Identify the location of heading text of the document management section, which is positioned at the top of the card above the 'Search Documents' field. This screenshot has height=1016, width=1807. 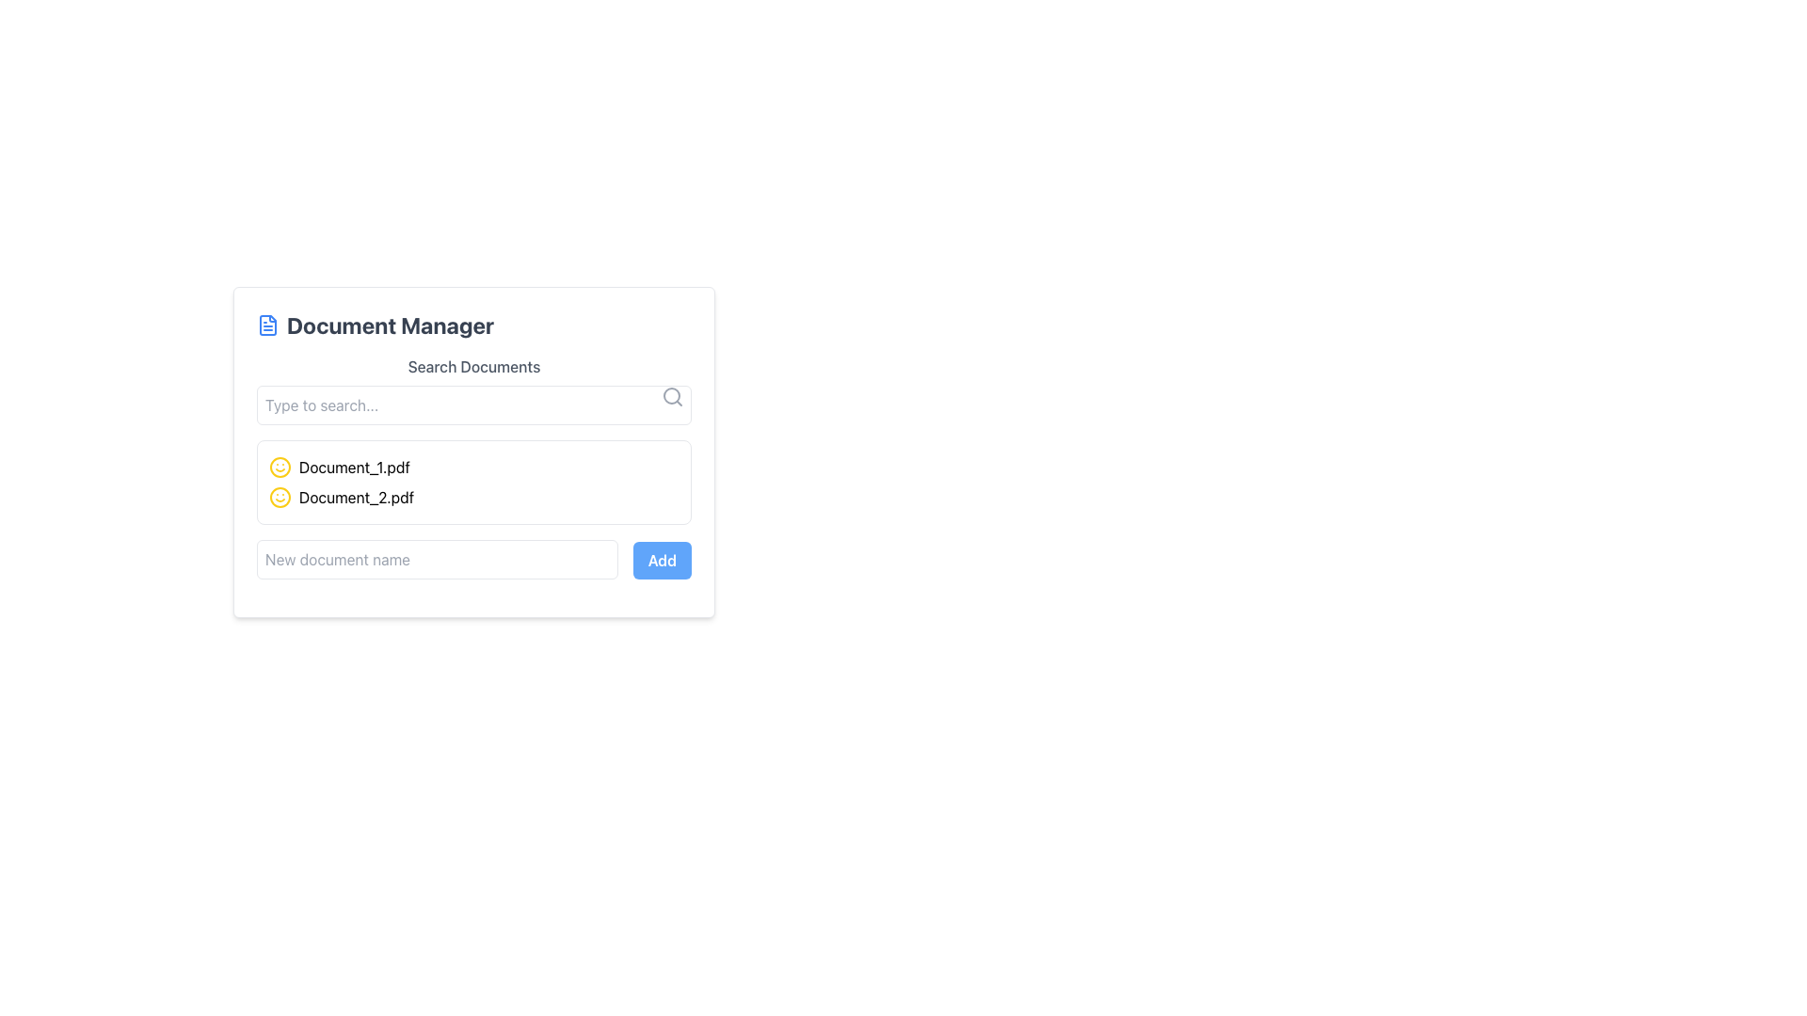
(474, 325).